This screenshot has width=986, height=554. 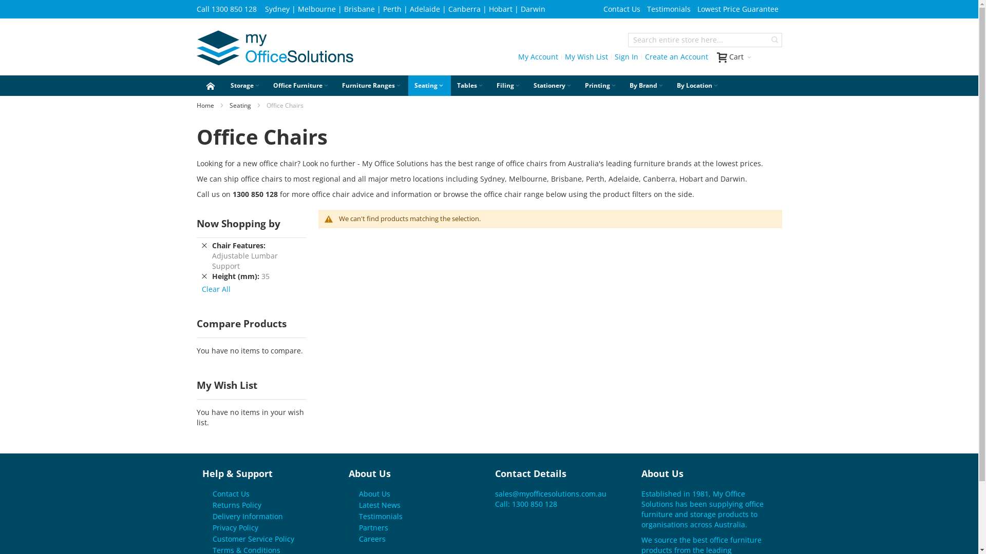 I want to click on 'Sydney', so click(x=277, y=9).